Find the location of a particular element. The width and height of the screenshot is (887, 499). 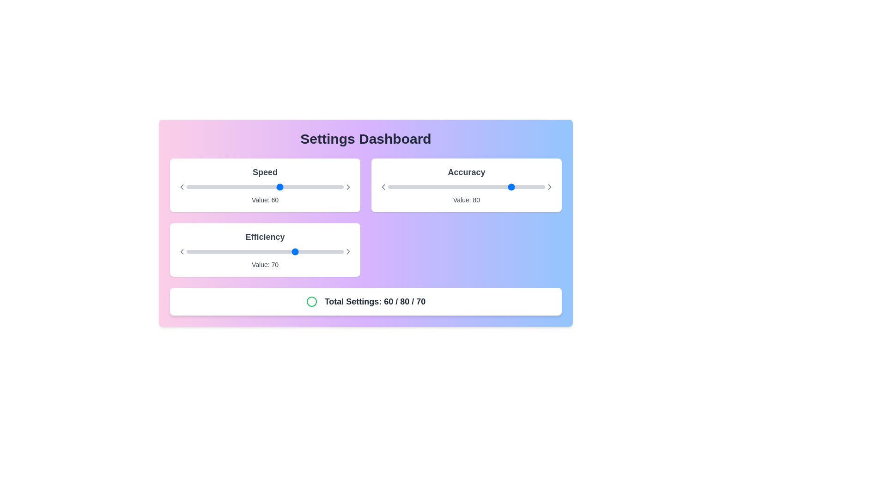

the accuracy slider is located at coordinates (448, 187).